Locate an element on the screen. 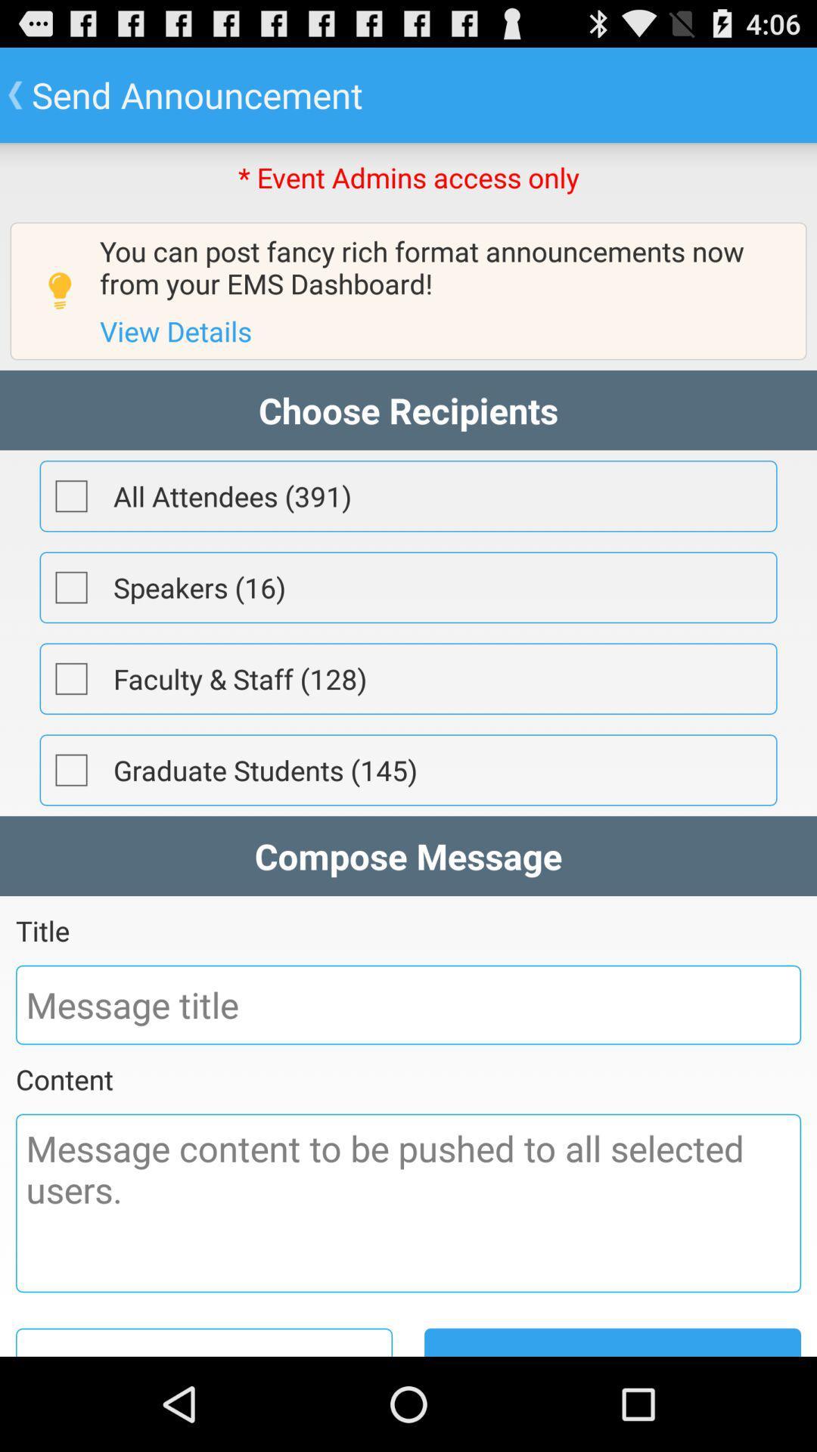  item is located at coordinates (71, 678).